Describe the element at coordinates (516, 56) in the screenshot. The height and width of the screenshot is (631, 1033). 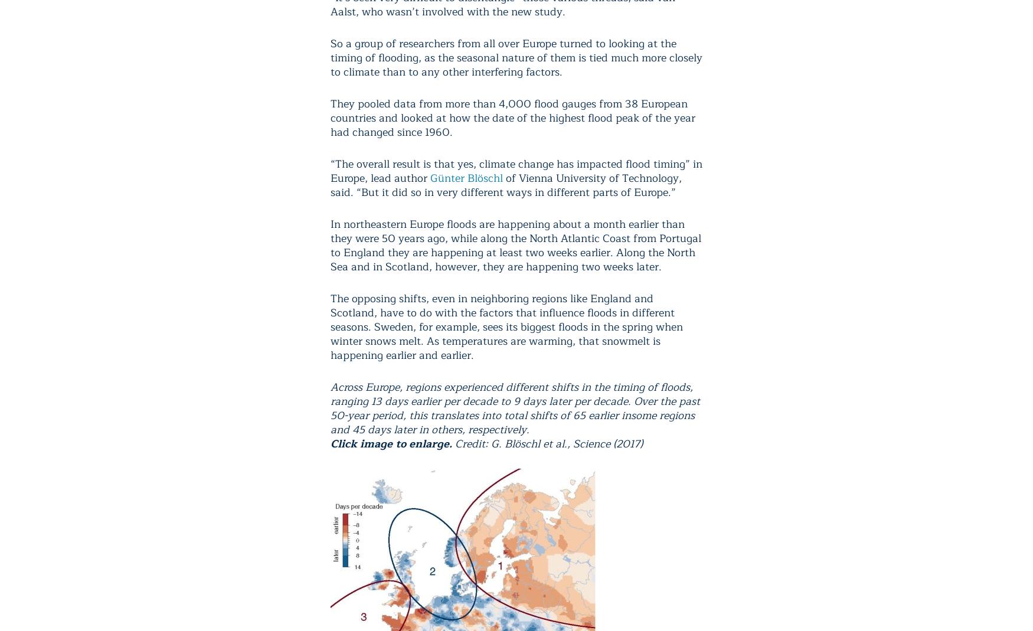
I see `'So a group of researchers from all over Europe turned to looking at the timing of flooding, as the seasonal nature of them is tied much more closely to climate than to any other interfering factors.'` at that location.